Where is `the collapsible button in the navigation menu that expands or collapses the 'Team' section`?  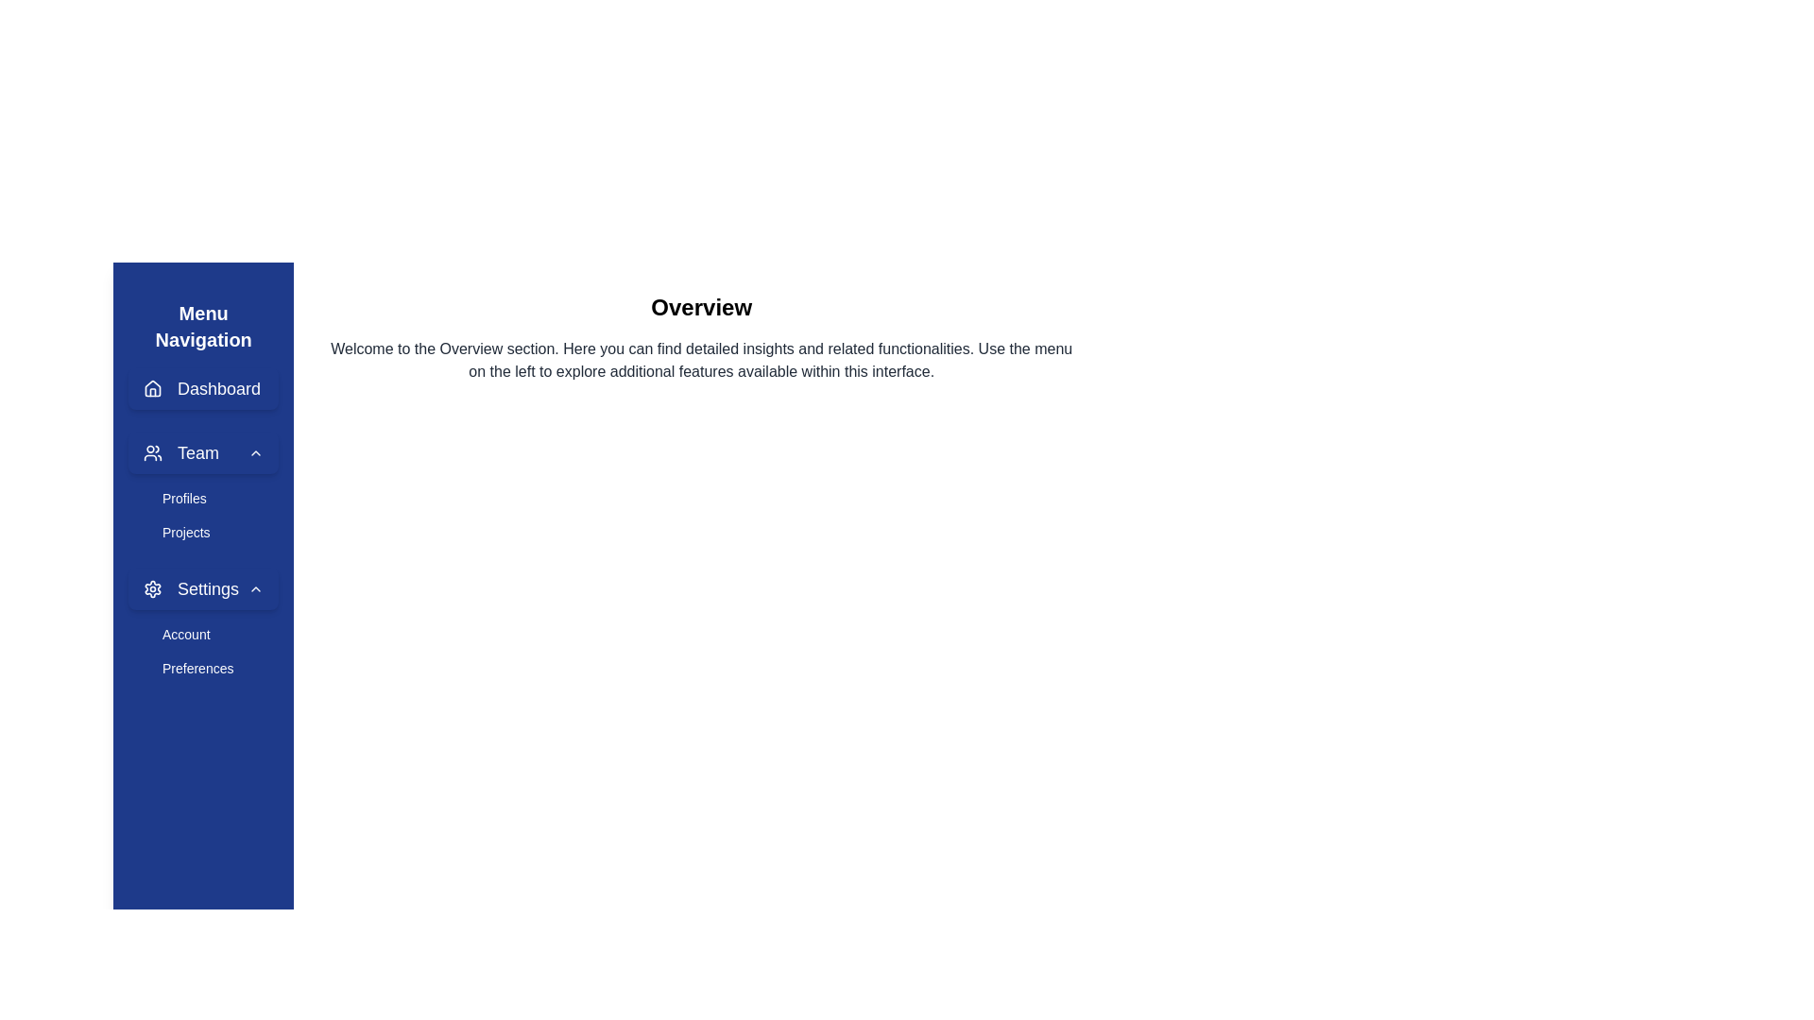
the collapsible button in the navigation menu that expands or collapses the 'Team' section is located at coordinates (203, 452).